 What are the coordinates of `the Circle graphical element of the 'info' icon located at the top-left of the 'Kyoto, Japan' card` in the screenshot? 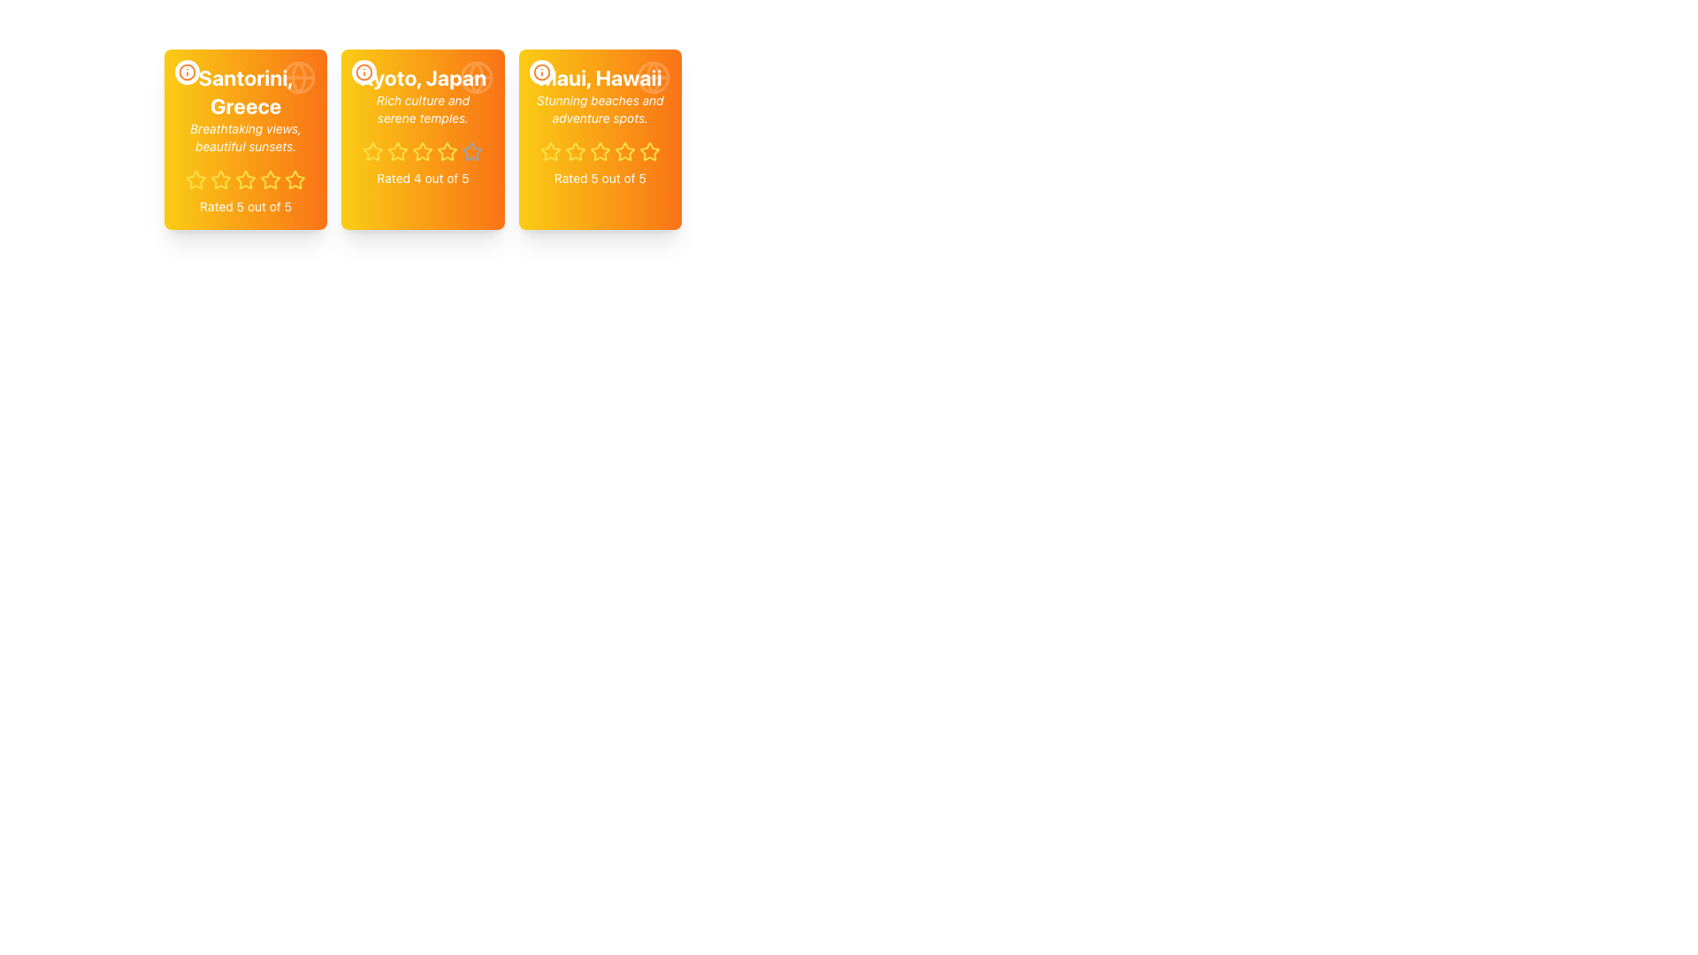 It's located at (363, 71).